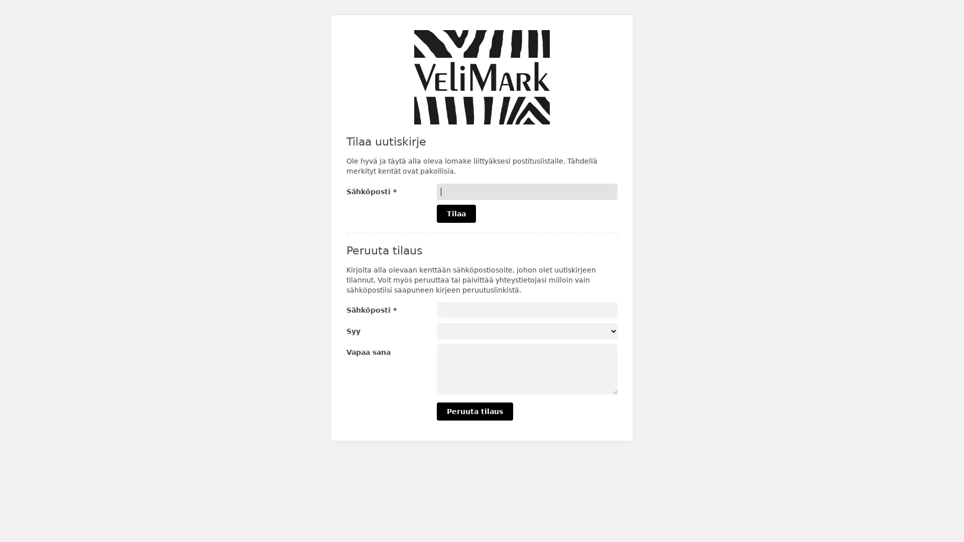 This screenshot has width=964, height=542. What do you see at coordinates (474, 411) in the screenshot?
I see `Peruuta tilaus` at bounding box center [474, 411].